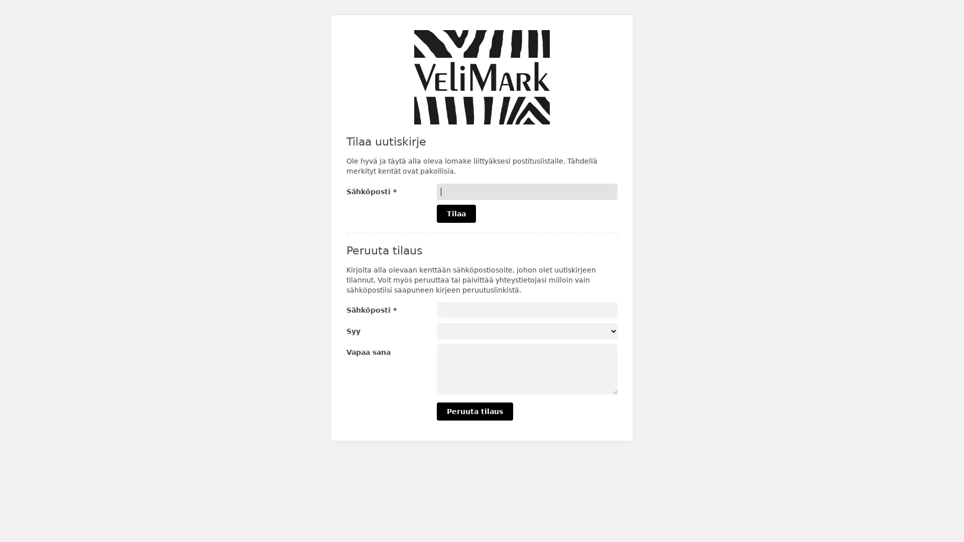 This screenshot has width=964, height=542. What do you see at coordinates (474, 411) in the screenshot?
I see `Peruuta tilaus` at bounding box center [474, 411].